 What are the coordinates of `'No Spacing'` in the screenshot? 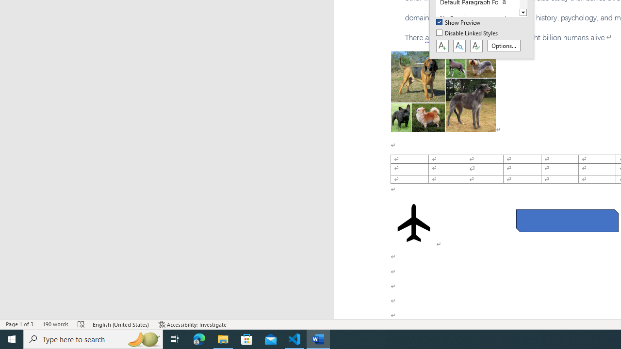 It's located at (477, 18).